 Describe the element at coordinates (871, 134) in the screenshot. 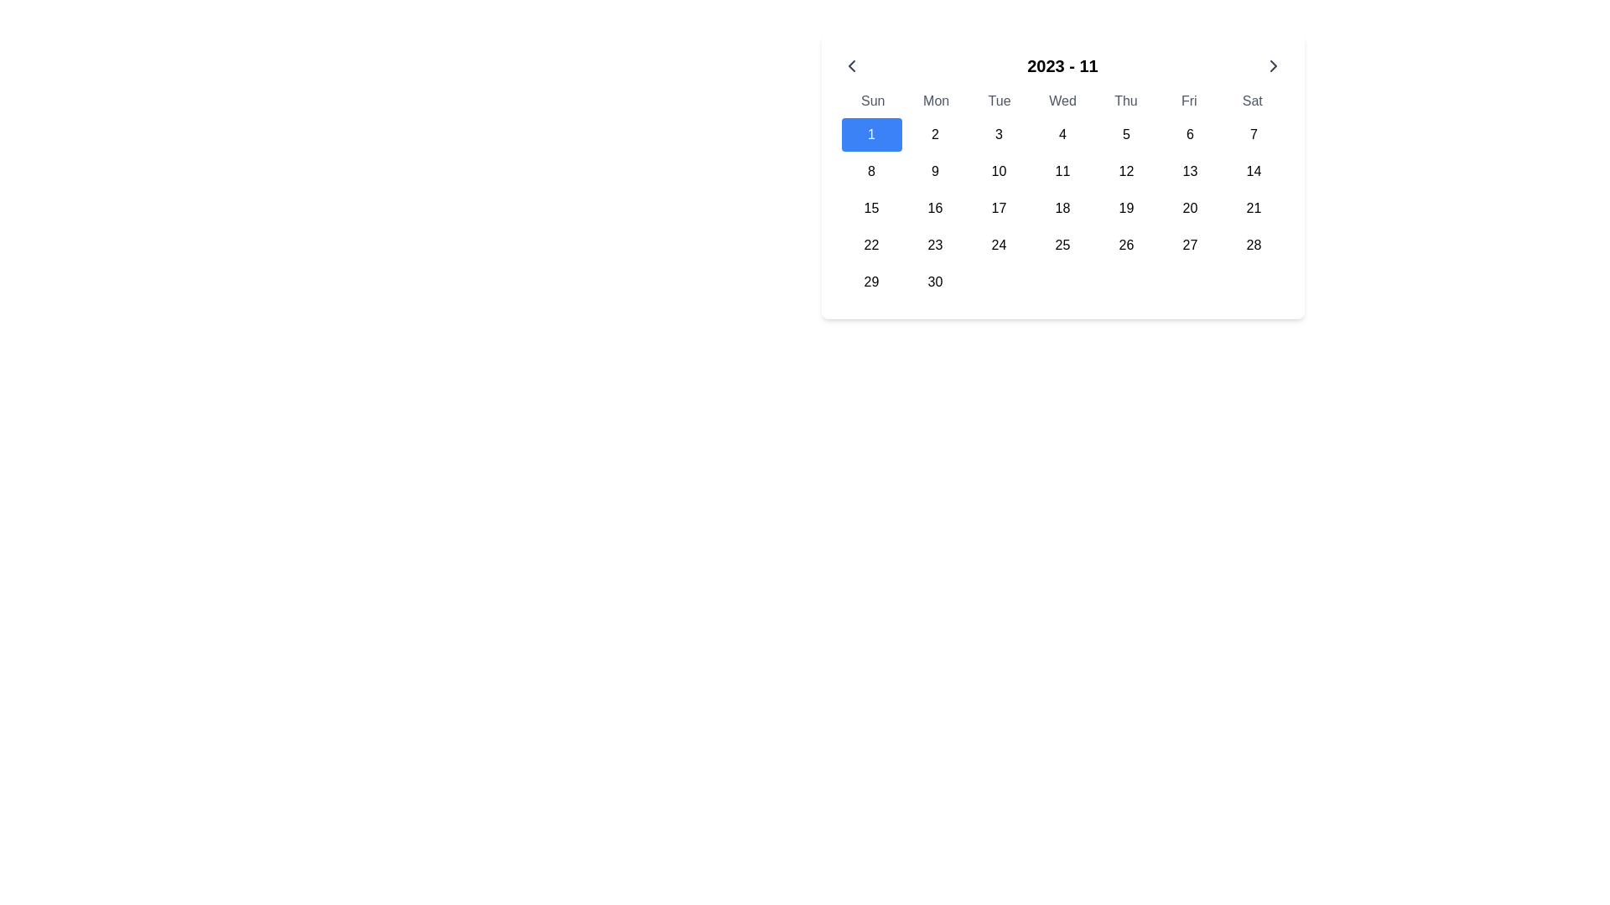

I see `the button displaying '1' with a blue background under the header 'Sun' in the calendar grid` at that location.